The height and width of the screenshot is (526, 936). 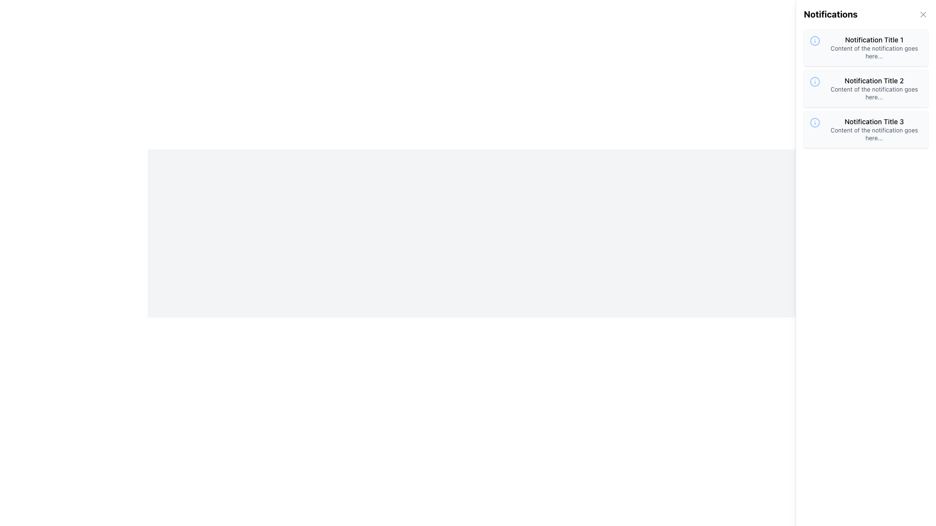 What do you see at coordinates (815, 81) in the screenshot?
I see `the circular icon with a blue stroke located on the notification card for 'Notification Title 2' in the second row of the notification list` at bounding box center [815, 81].